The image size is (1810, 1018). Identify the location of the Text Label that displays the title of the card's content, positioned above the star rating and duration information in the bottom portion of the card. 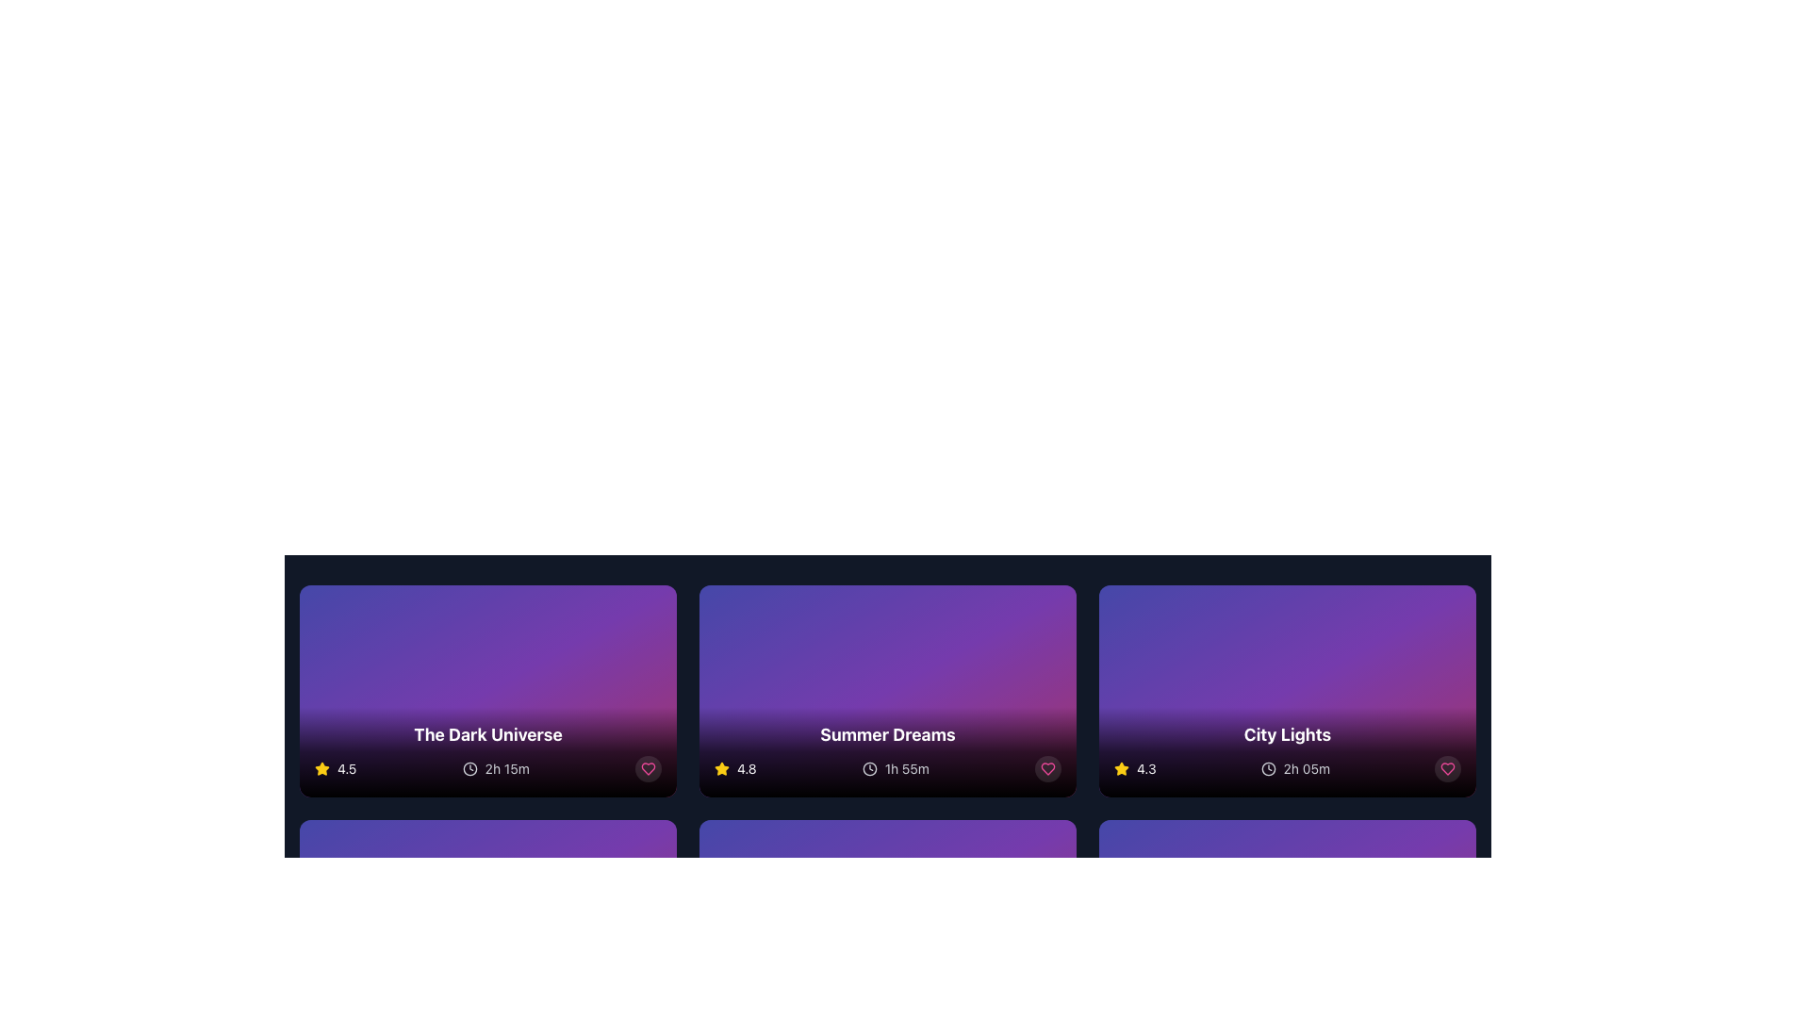
(488, 733).